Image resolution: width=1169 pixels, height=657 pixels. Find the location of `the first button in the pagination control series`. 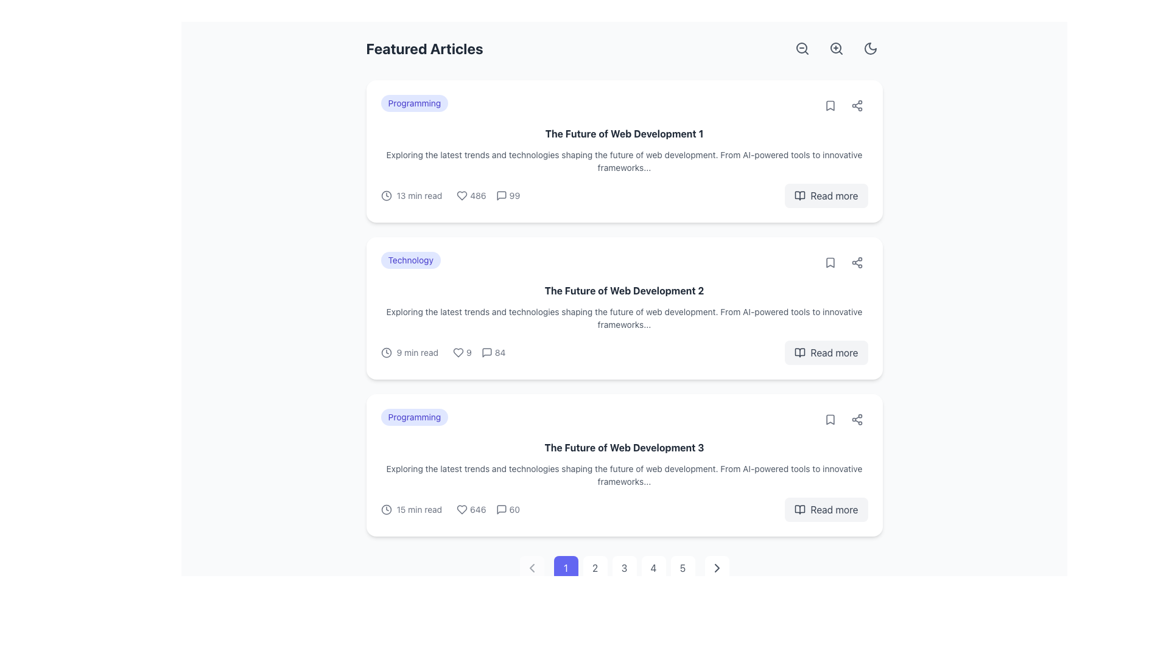

the first button in the pagination control series is located at coordinates (565, 568).